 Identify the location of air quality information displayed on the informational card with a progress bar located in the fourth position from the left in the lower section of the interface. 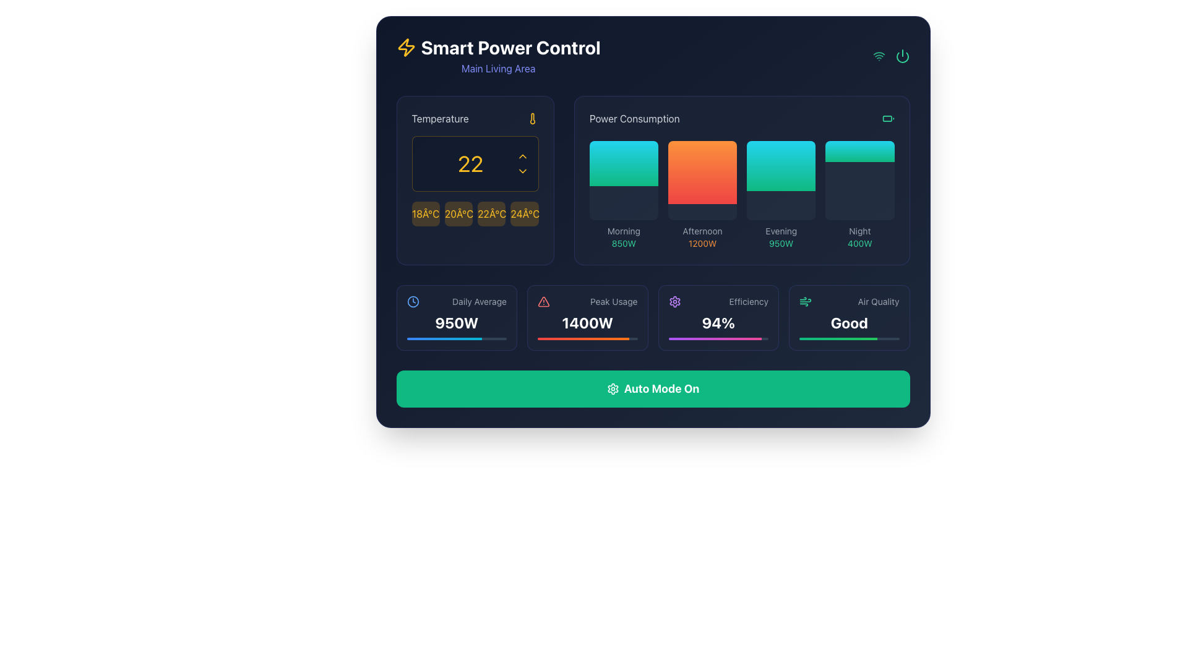
(848, 317).